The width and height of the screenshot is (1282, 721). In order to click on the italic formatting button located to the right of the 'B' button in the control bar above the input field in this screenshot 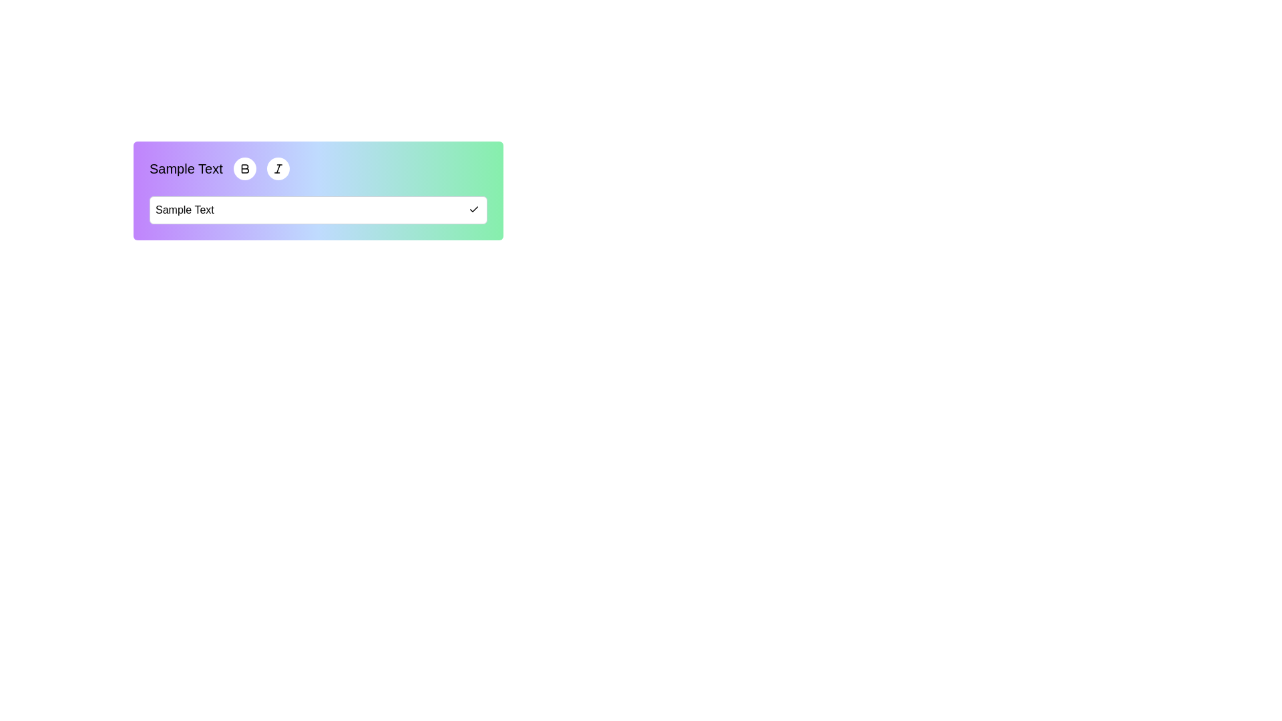, I will do `click(277, 168)`.